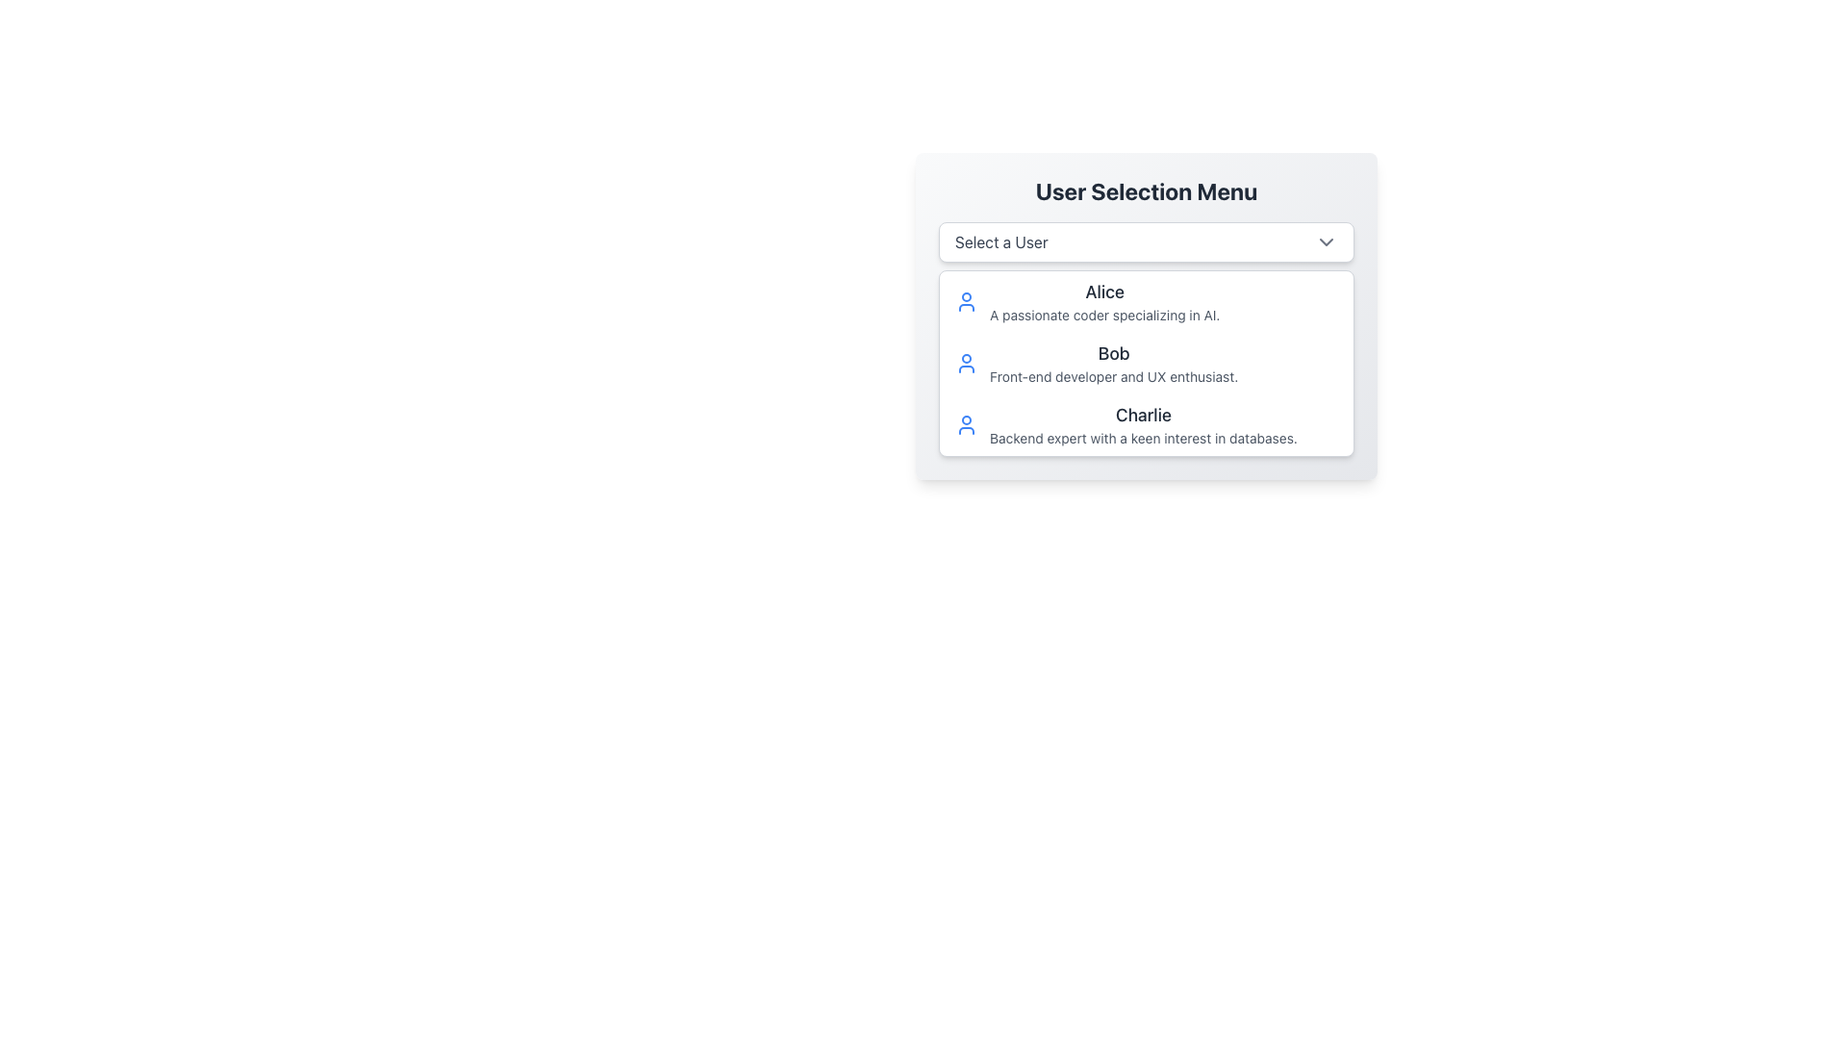  I want to click on the user icon representing 'Bob' in the dropdown menu, located on the left side of his associated list entry, so click(966, 364).